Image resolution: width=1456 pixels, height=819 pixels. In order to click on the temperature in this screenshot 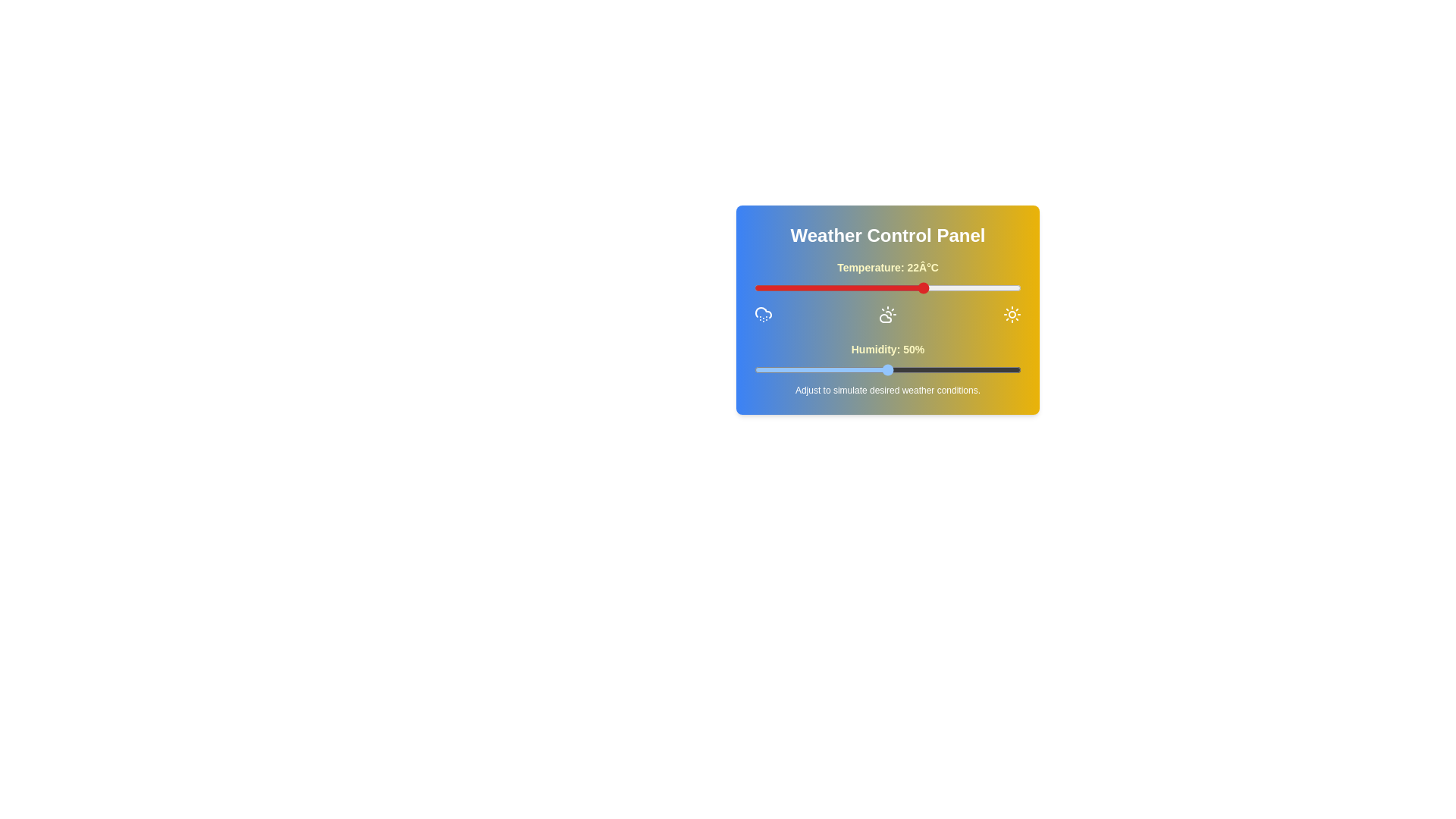, I will do `click(904, 288)`.